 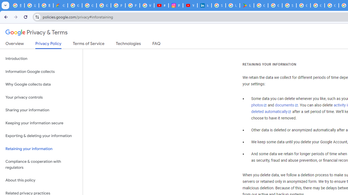 I want to click on 'Introduction', so click(x=41, y=59).